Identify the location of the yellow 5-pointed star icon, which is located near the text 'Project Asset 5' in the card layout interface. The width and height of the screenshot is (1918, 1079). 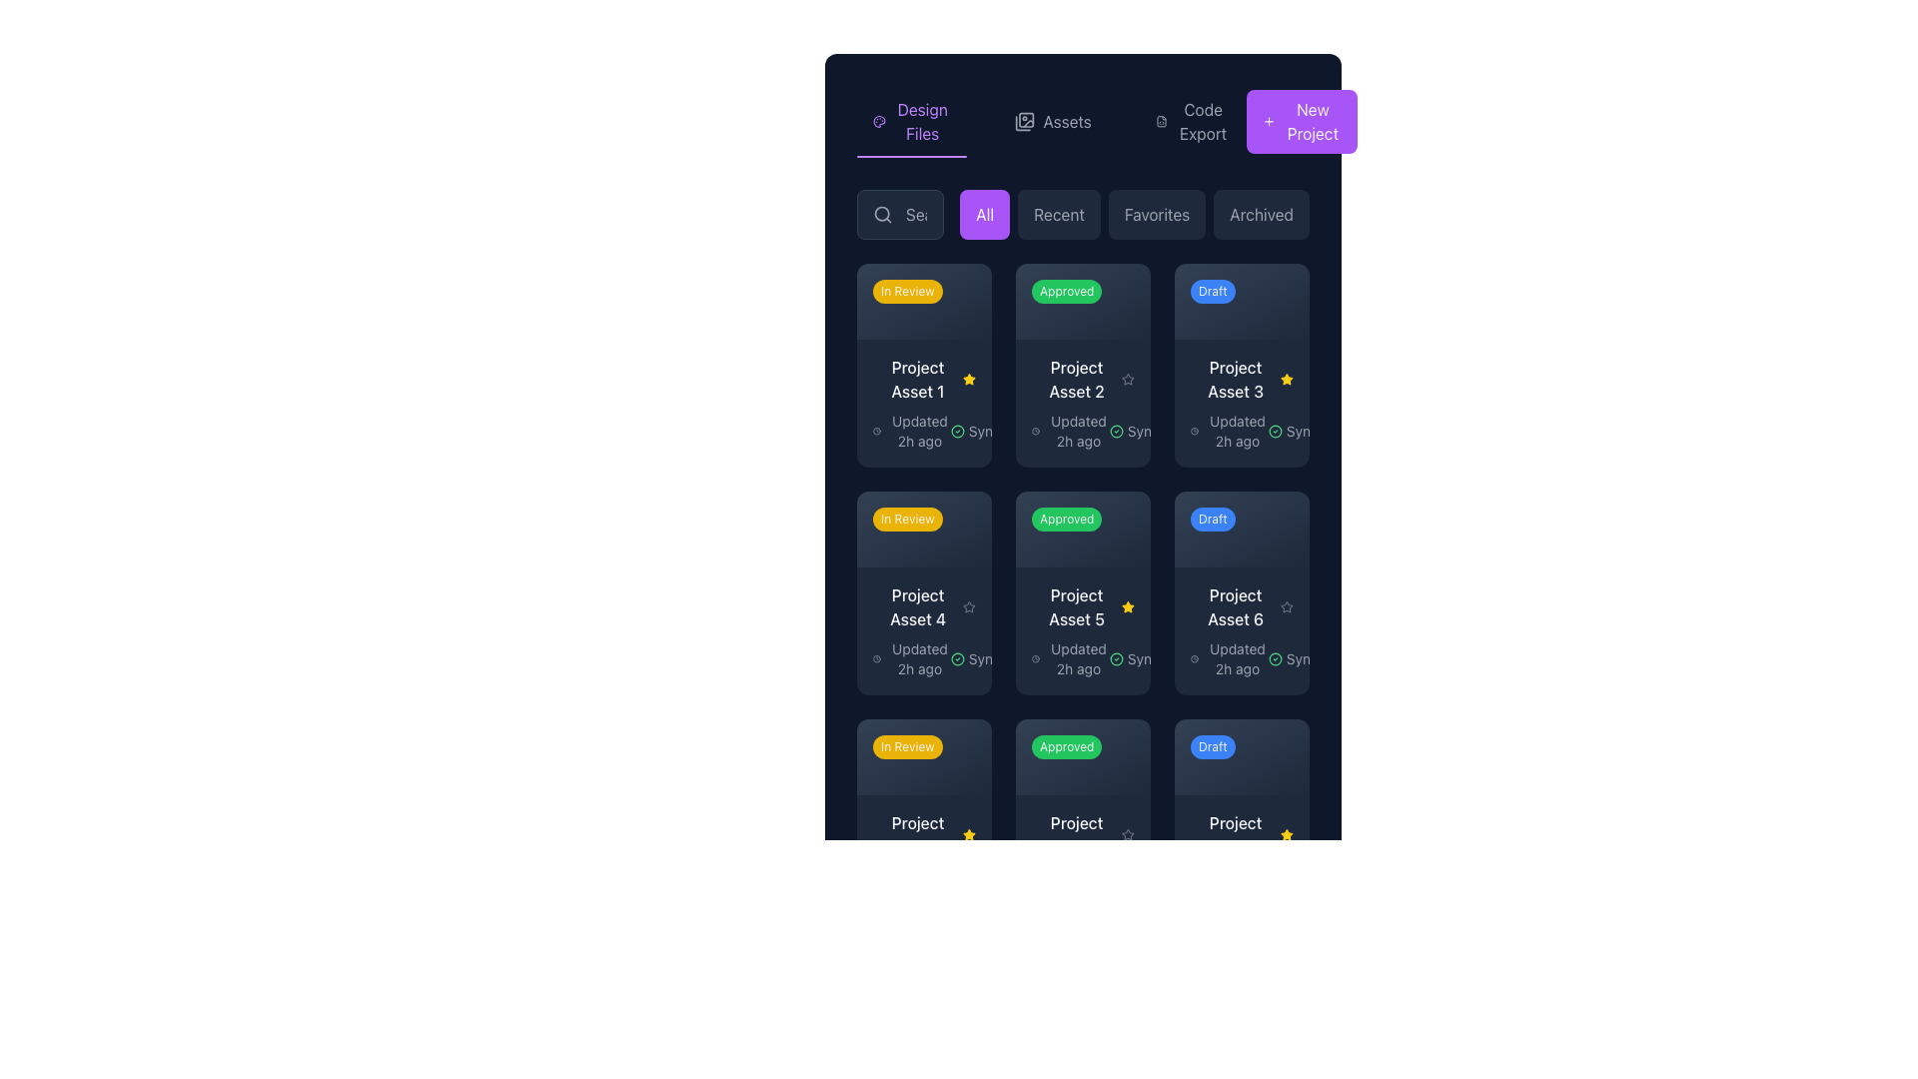
(1287, 834).